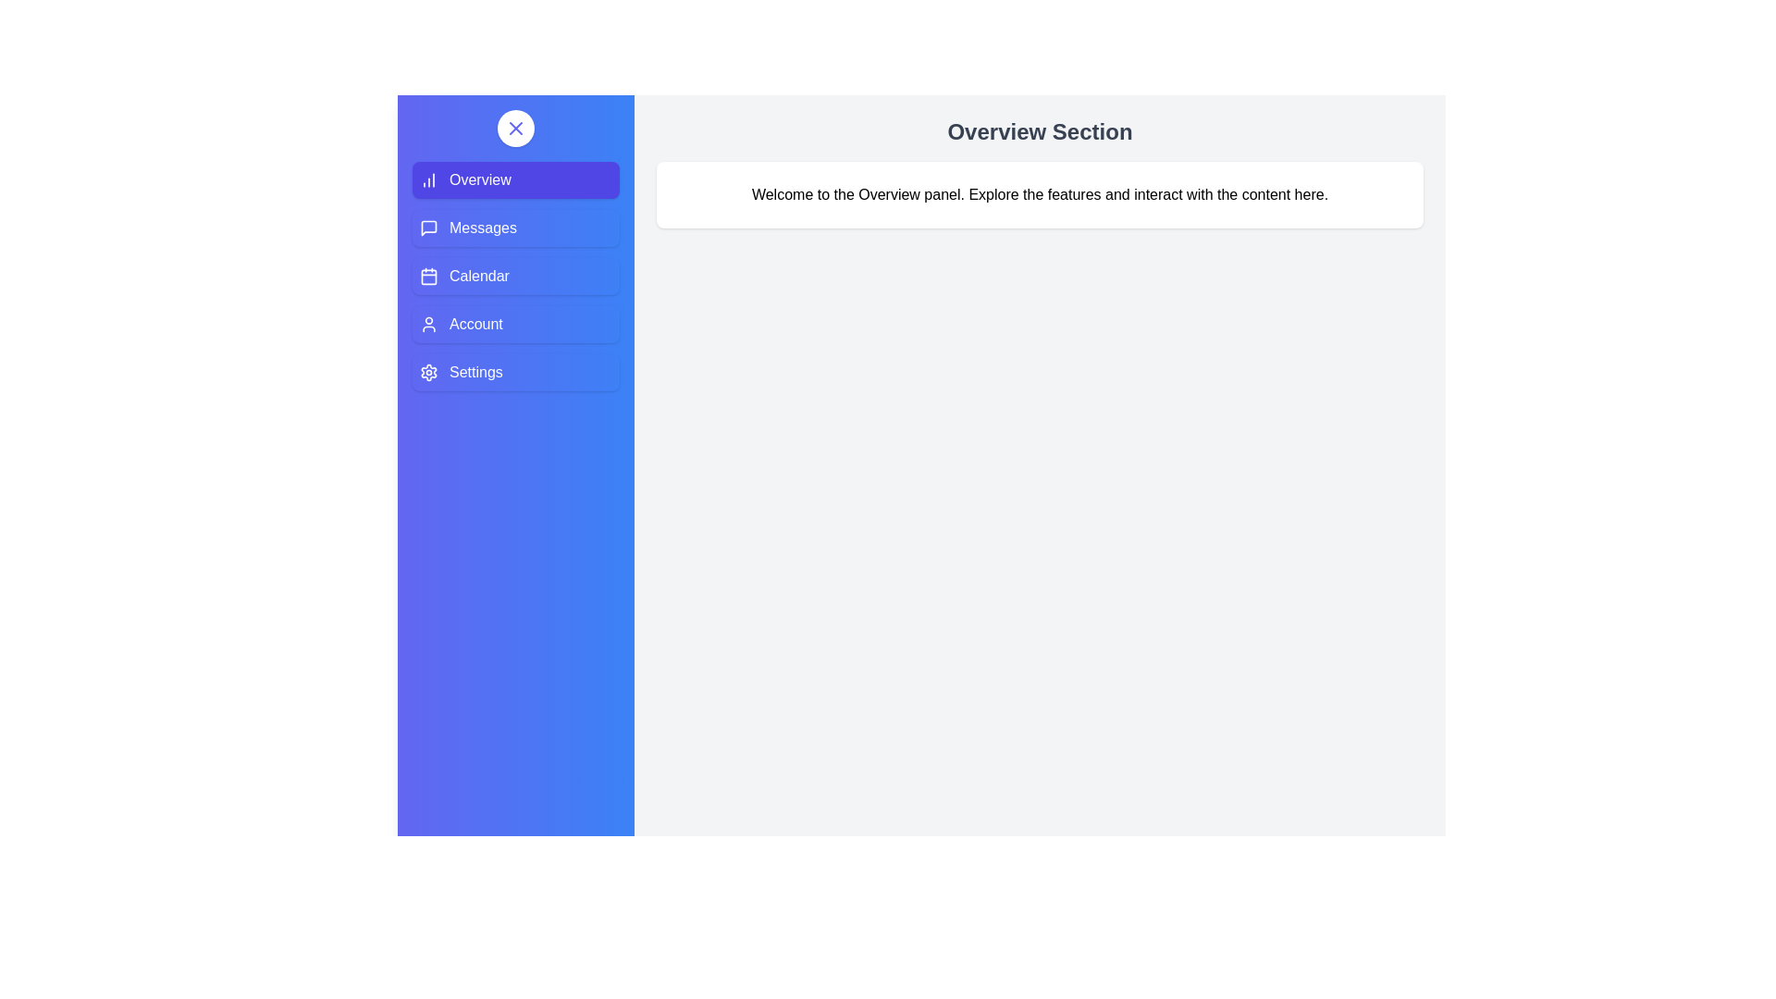 The width and height of the screenshot is (1776, 999). What do you see at coordinates (515, 227) in the screenshot?
I see `the Messages tab from the sidebar` at bounding box center [515, 227].